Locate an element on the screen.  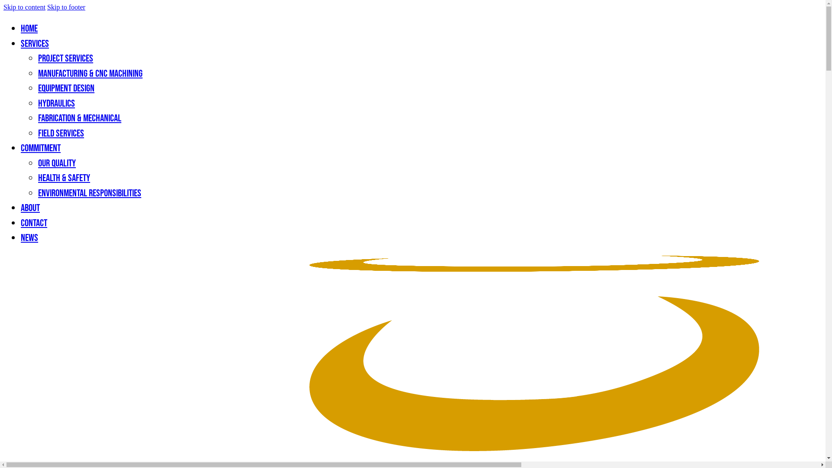
'Field Services' is located at coordinates (60, 133).